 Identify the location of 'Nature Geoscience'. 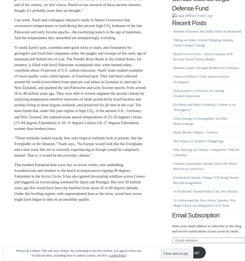
(109, 20).